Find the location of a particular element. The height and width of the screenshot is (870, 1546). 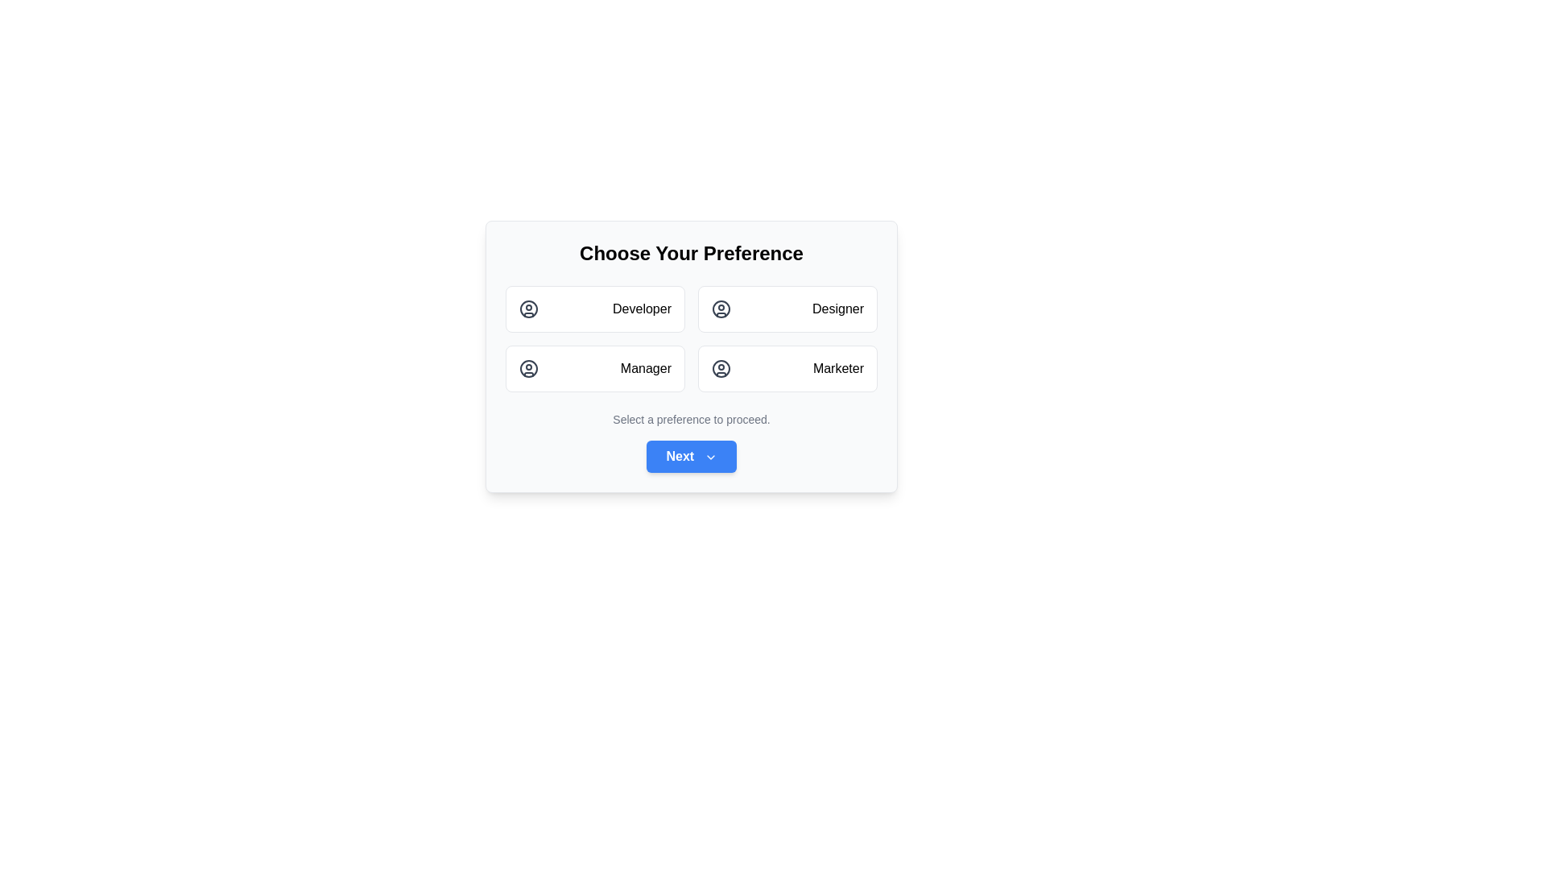

the user profile icon associated with the 'Marketer' option located within the clickable card at the bottom-right of the preference selection grid is located at coordinates (721, 369).